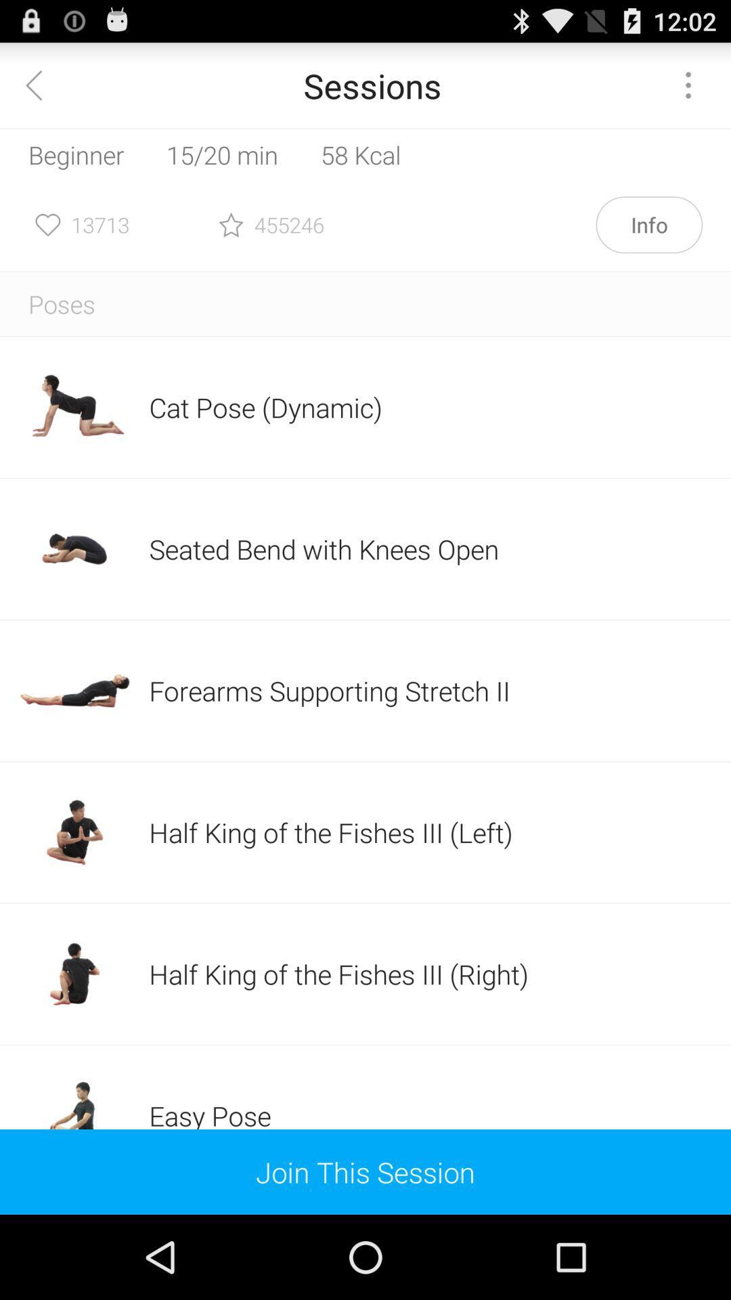 The width and height of the screenshot is (731, 1300). Describe the element at coordinates (688, 90) in the screenshot. I see `the more icon` at that location.